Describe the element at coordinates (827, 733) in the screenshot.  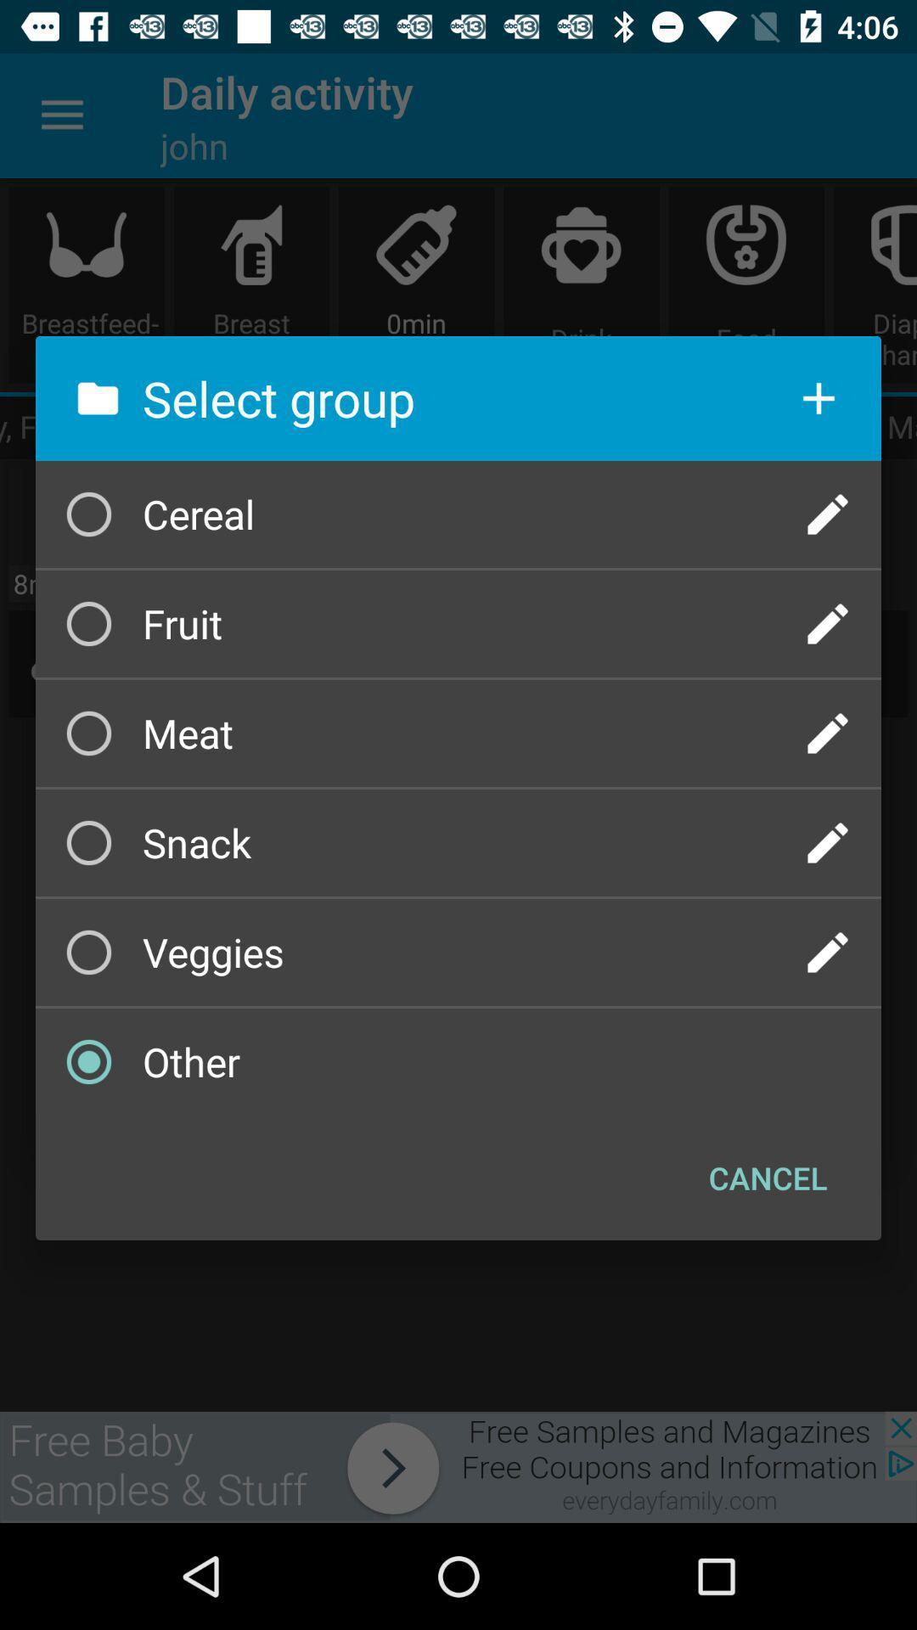
I see `select group` at that location.